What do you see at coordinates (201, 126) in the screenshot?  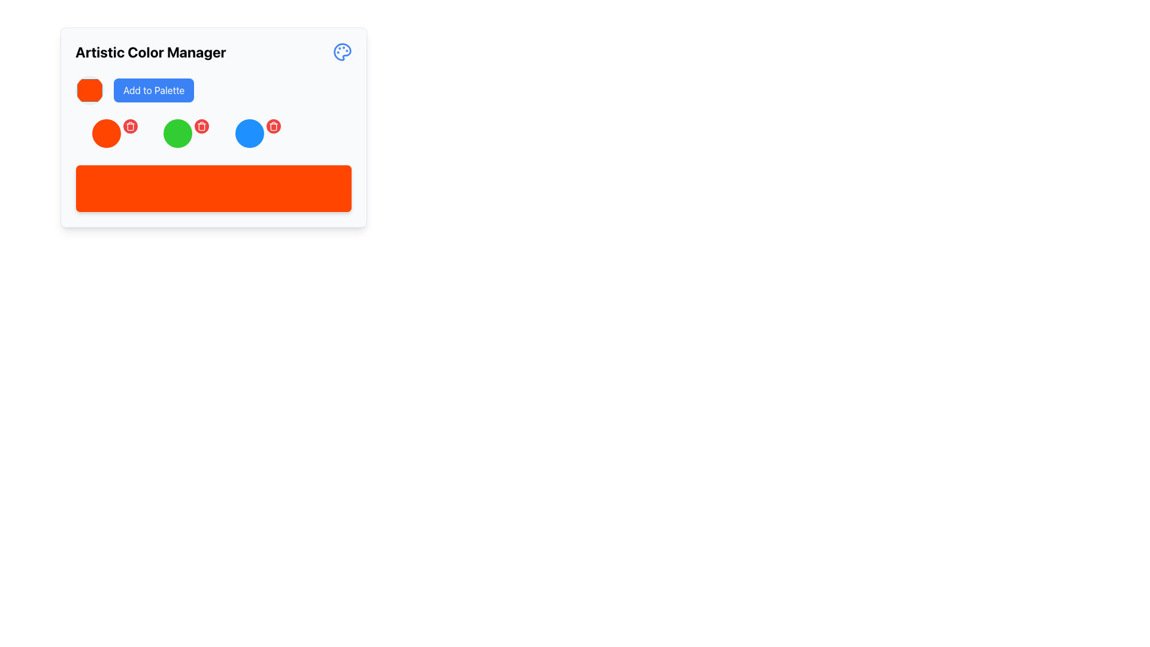 I see `the delete button located at the top-right of the green circular item` at bounding box center [201, 126].